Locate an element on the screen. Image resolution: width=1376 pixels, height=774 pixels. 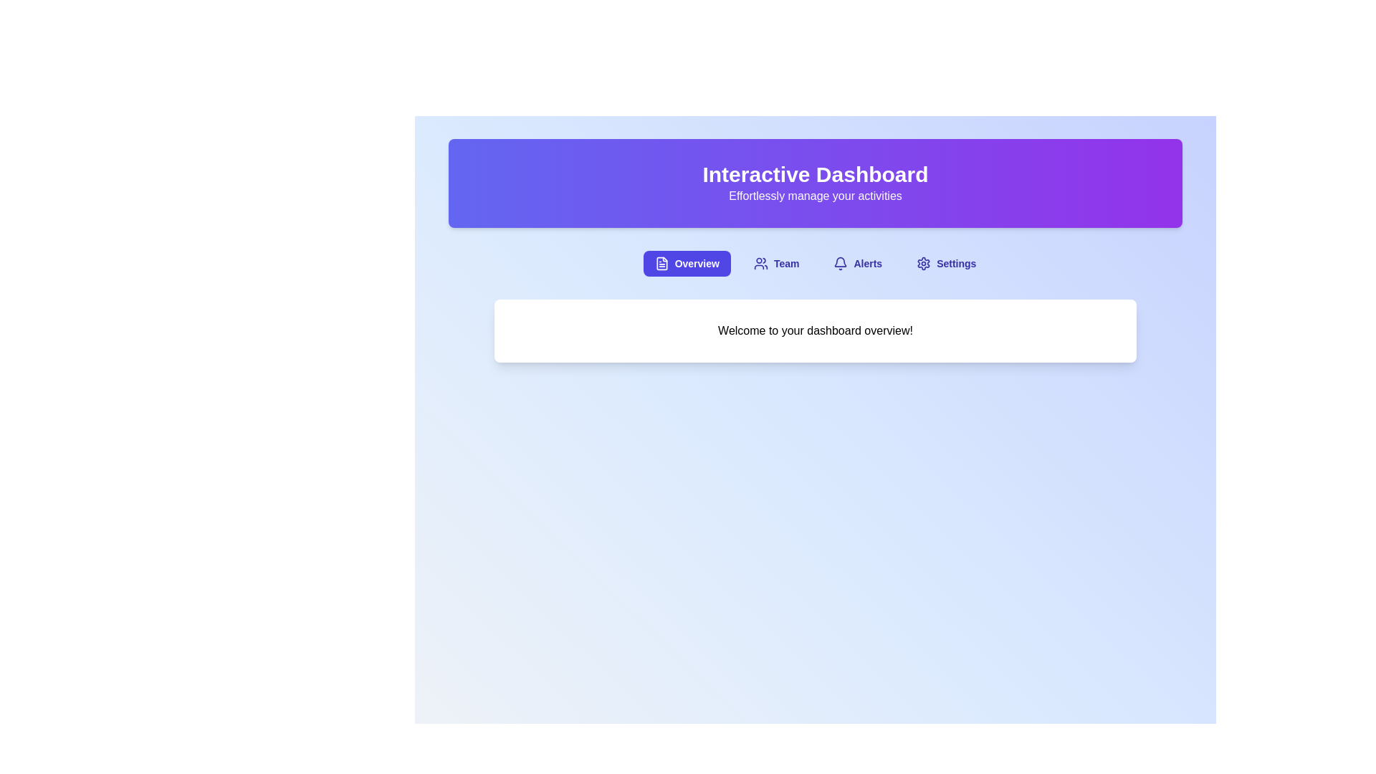
the graphical component of the bell notification icon located in the navigation bar, which represents the active state of the alert functionality is located at coordinates (841, 262).